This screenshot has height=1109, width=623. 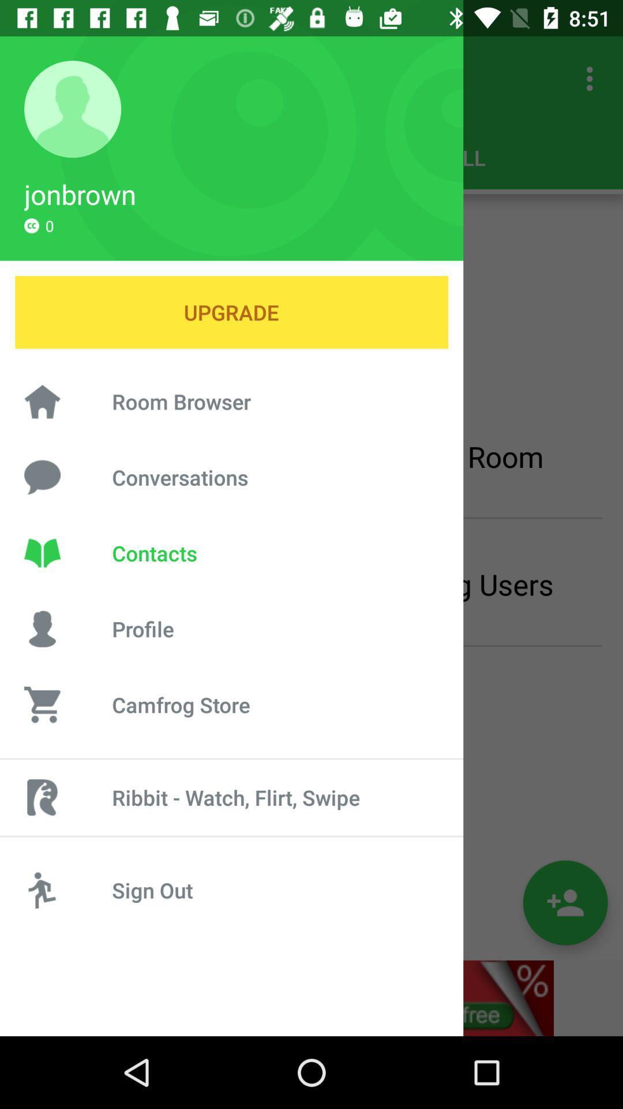 What do you see at coordinates (565, 902) in the screenshot?
I see `the follow icon` at bounding box center [565, 902].